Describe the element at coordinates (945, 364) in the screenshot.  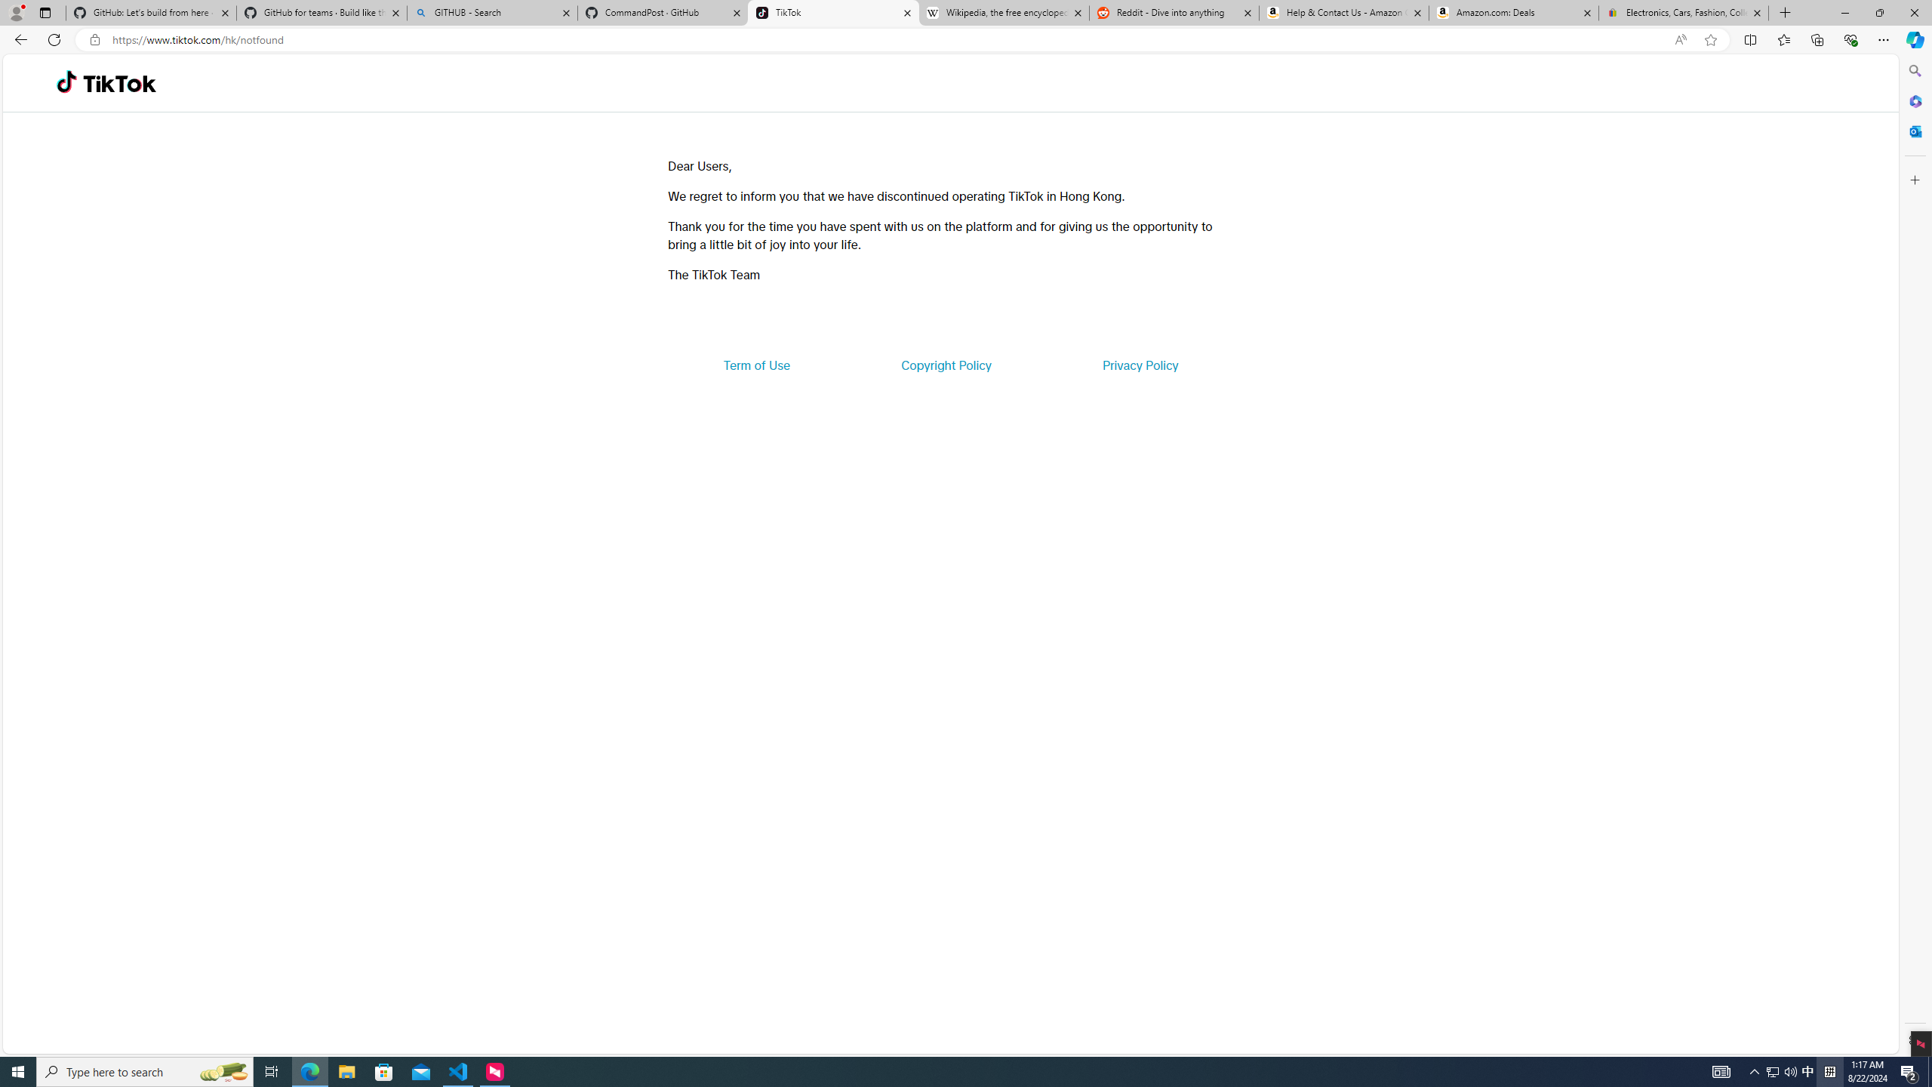
I see `'Copyright Policy'` at that location.